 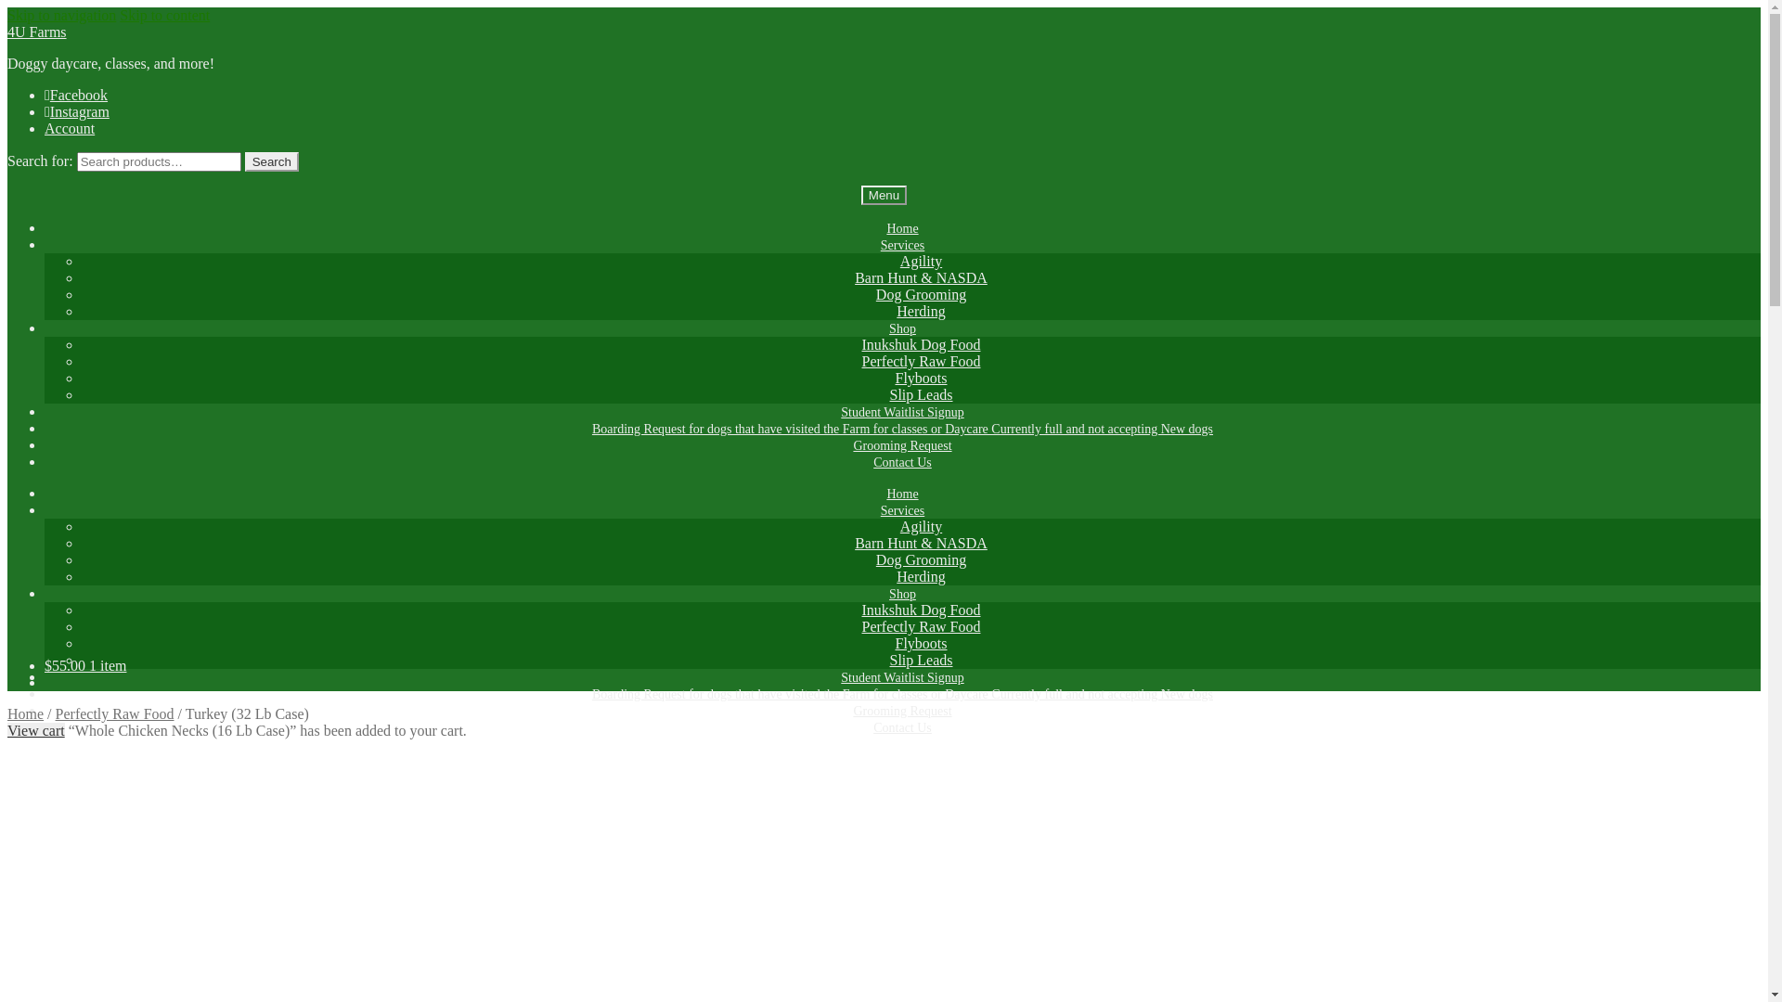 I want to click on 'Skip to content', so click(x=164, y=15).